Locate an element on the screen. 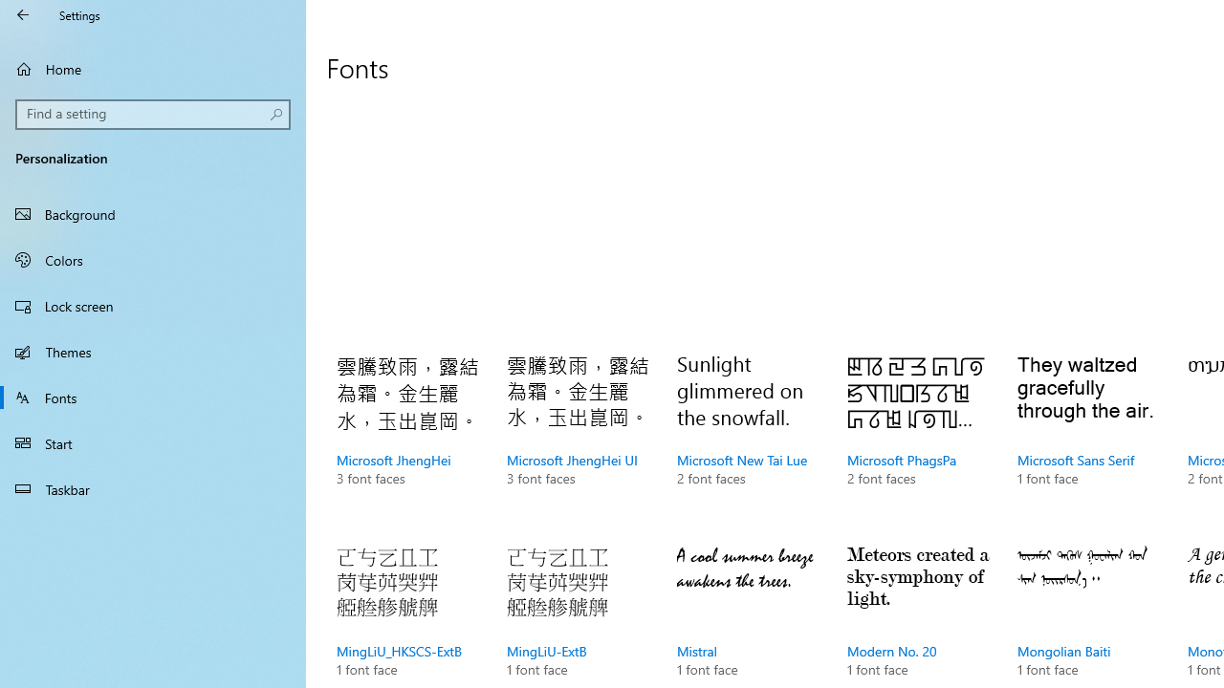 The width and height of the screenshot is (1224, 688). 'Fonts' is located at coordinates (153, 396).